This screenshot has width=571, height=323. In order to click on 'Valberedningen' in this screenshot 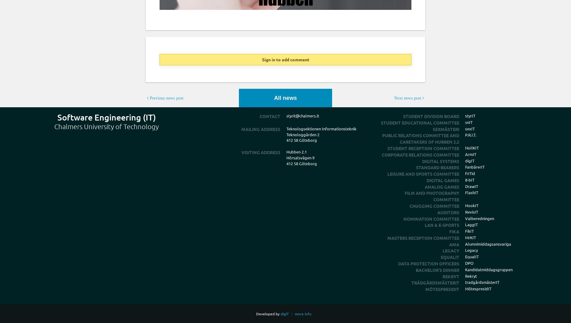, I will do `click(480, 218)`.